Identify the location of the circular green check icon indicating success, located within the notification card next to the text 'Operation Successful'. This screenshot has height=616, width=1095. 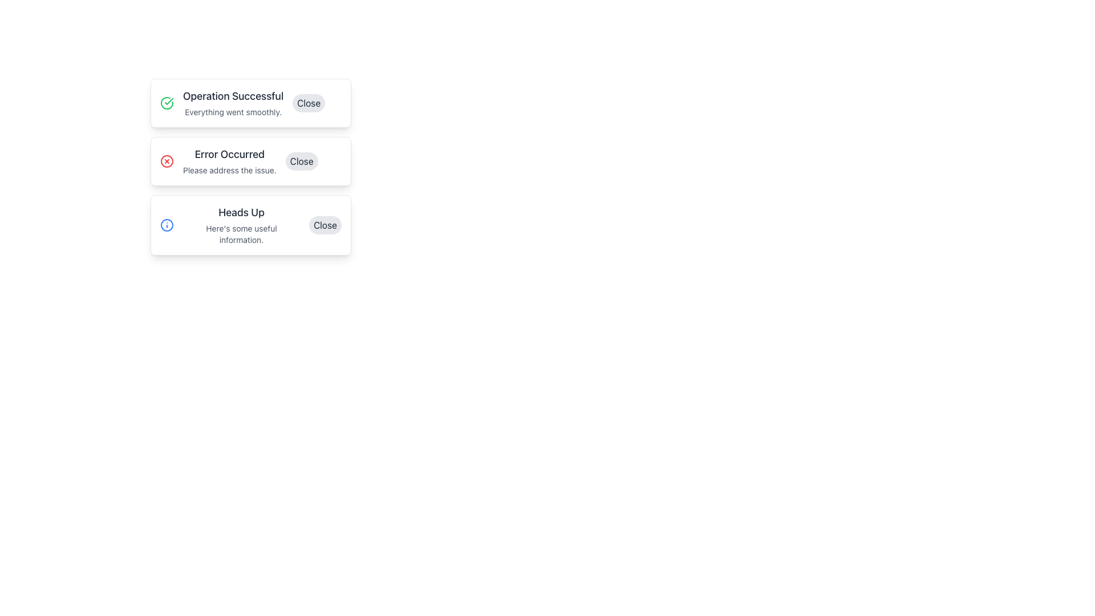
(166, 103).